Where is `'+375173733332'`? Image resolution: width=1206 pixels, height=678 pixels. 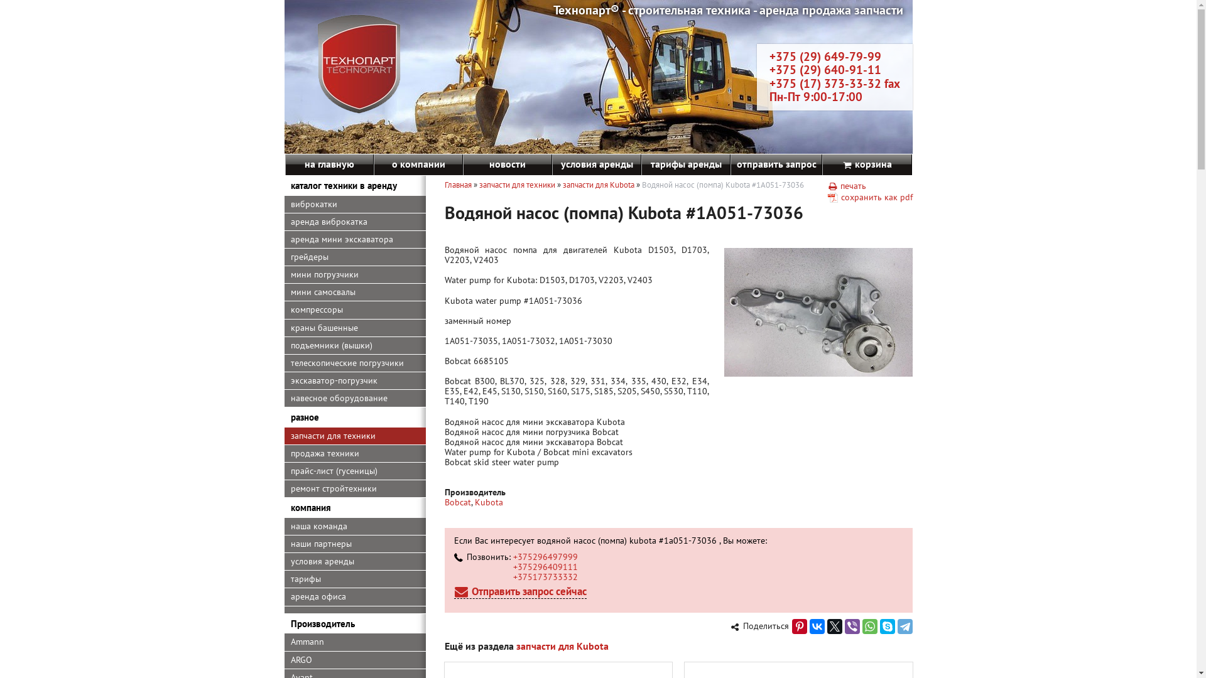 '+375173733332' is located at coordinates (545, 576).